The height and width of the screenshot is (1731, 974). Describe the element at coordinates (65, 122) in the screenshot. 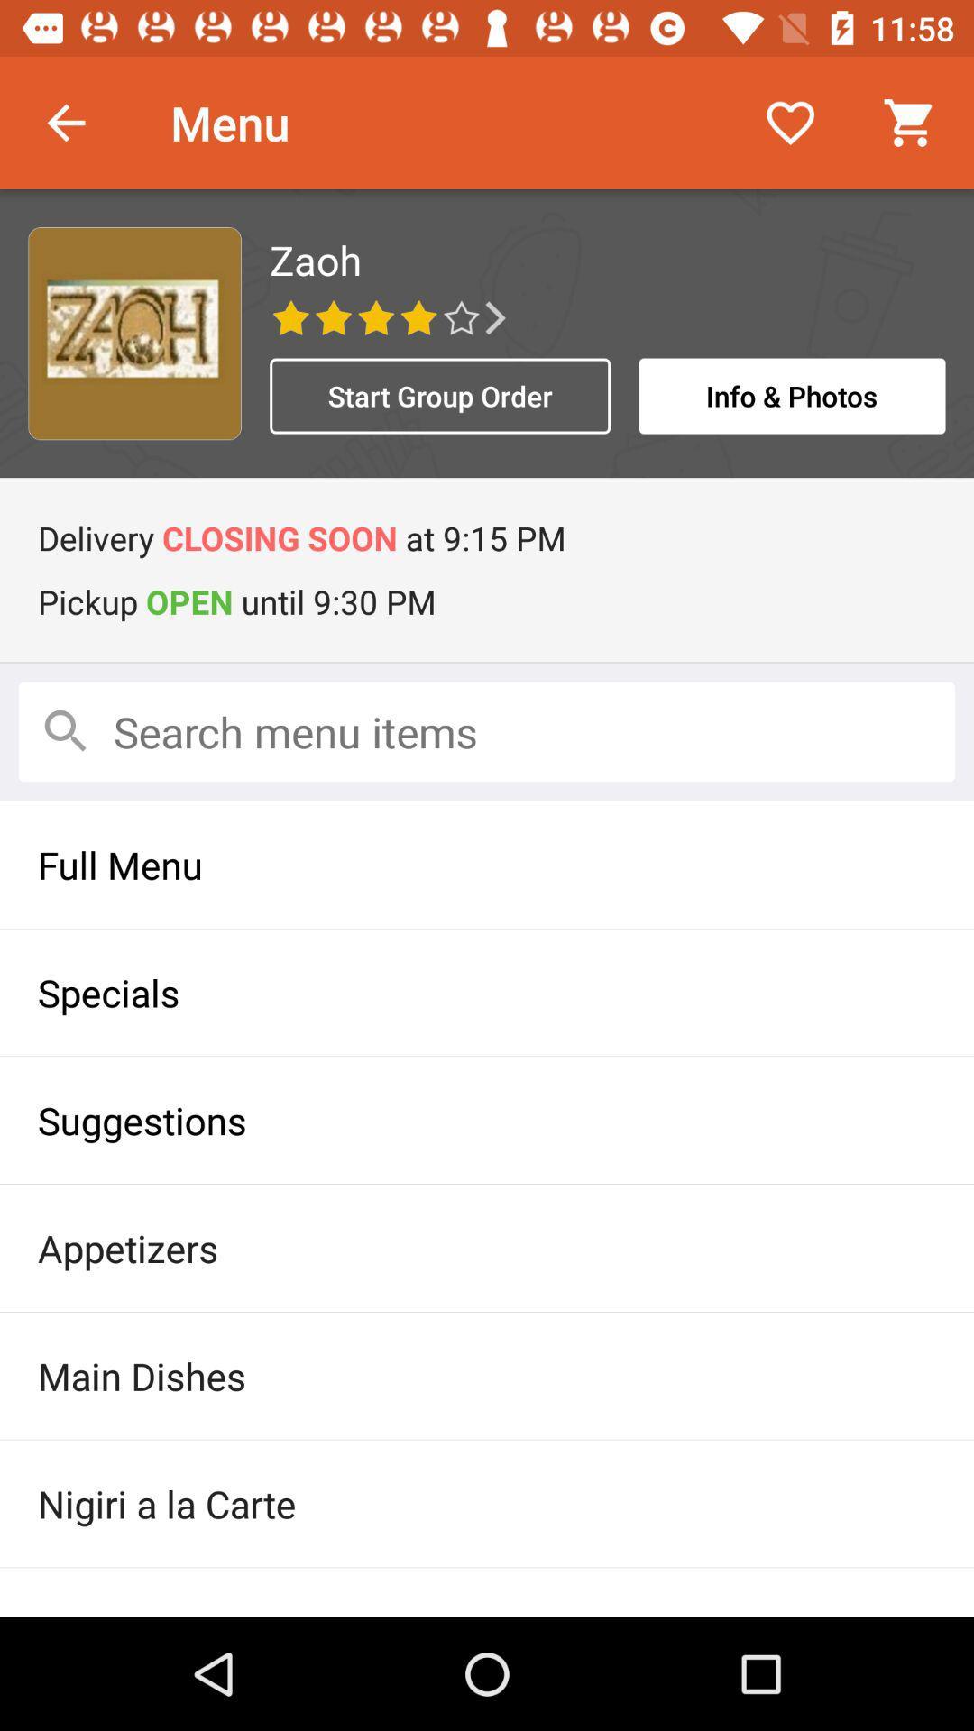

I see `item to the left of menu item` at that location.